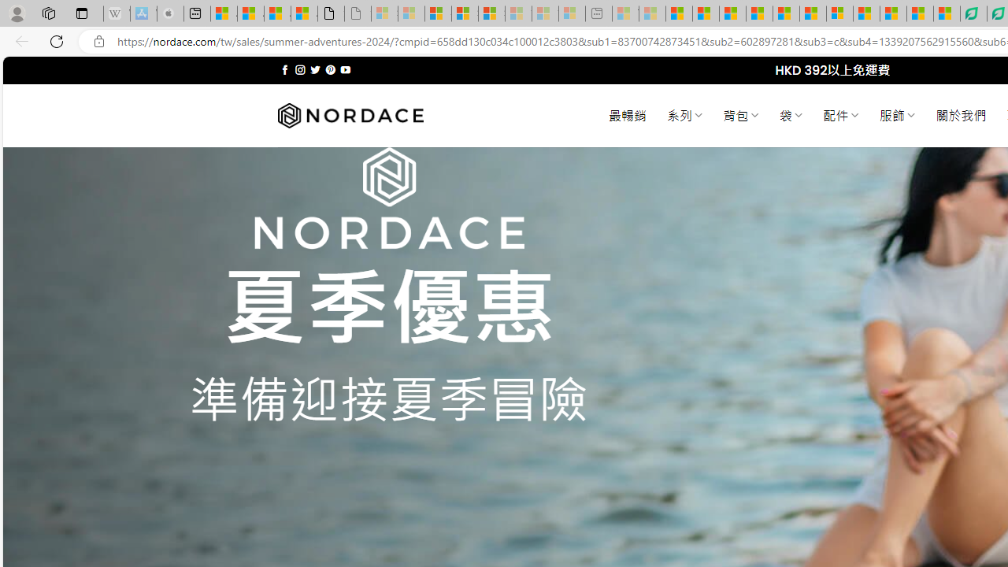  What do you see at coordinates (813, 13) in the screenshot?
I see `'Foo BAR | Trusted Community Engagement and Contributions'` at bounding box center [813, 13].